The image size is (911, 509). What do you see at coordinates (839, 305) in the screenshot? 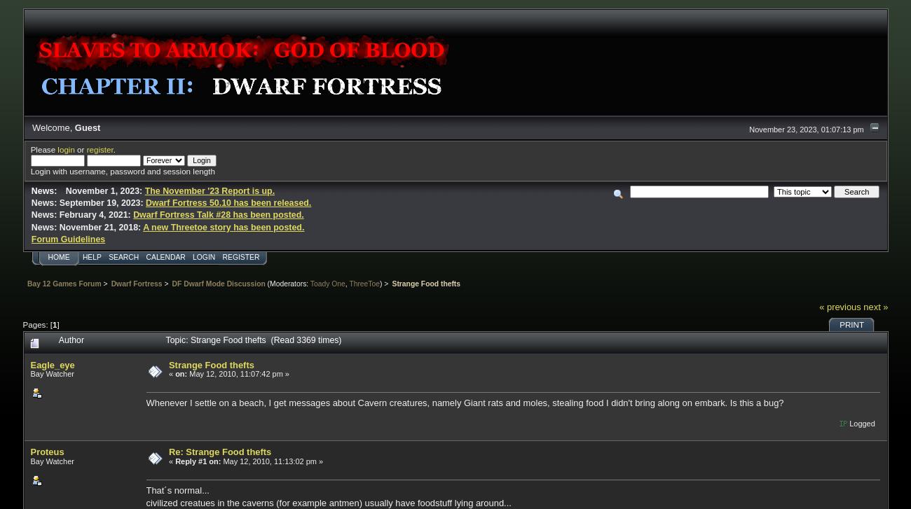
I see `'« previous'` at bounding box center [839, 305].